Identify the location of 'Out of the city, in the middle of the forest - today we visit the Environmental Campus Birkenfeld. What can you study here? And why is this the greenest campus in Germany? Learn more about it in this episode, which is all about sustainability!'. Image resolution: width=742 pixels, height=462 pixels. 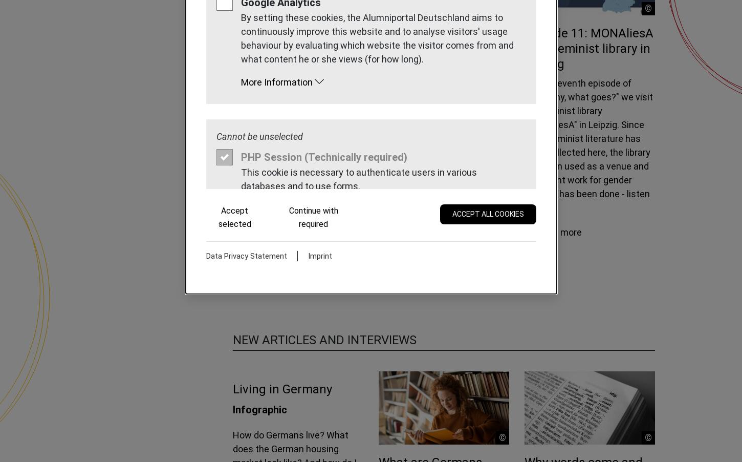
(378, 153).